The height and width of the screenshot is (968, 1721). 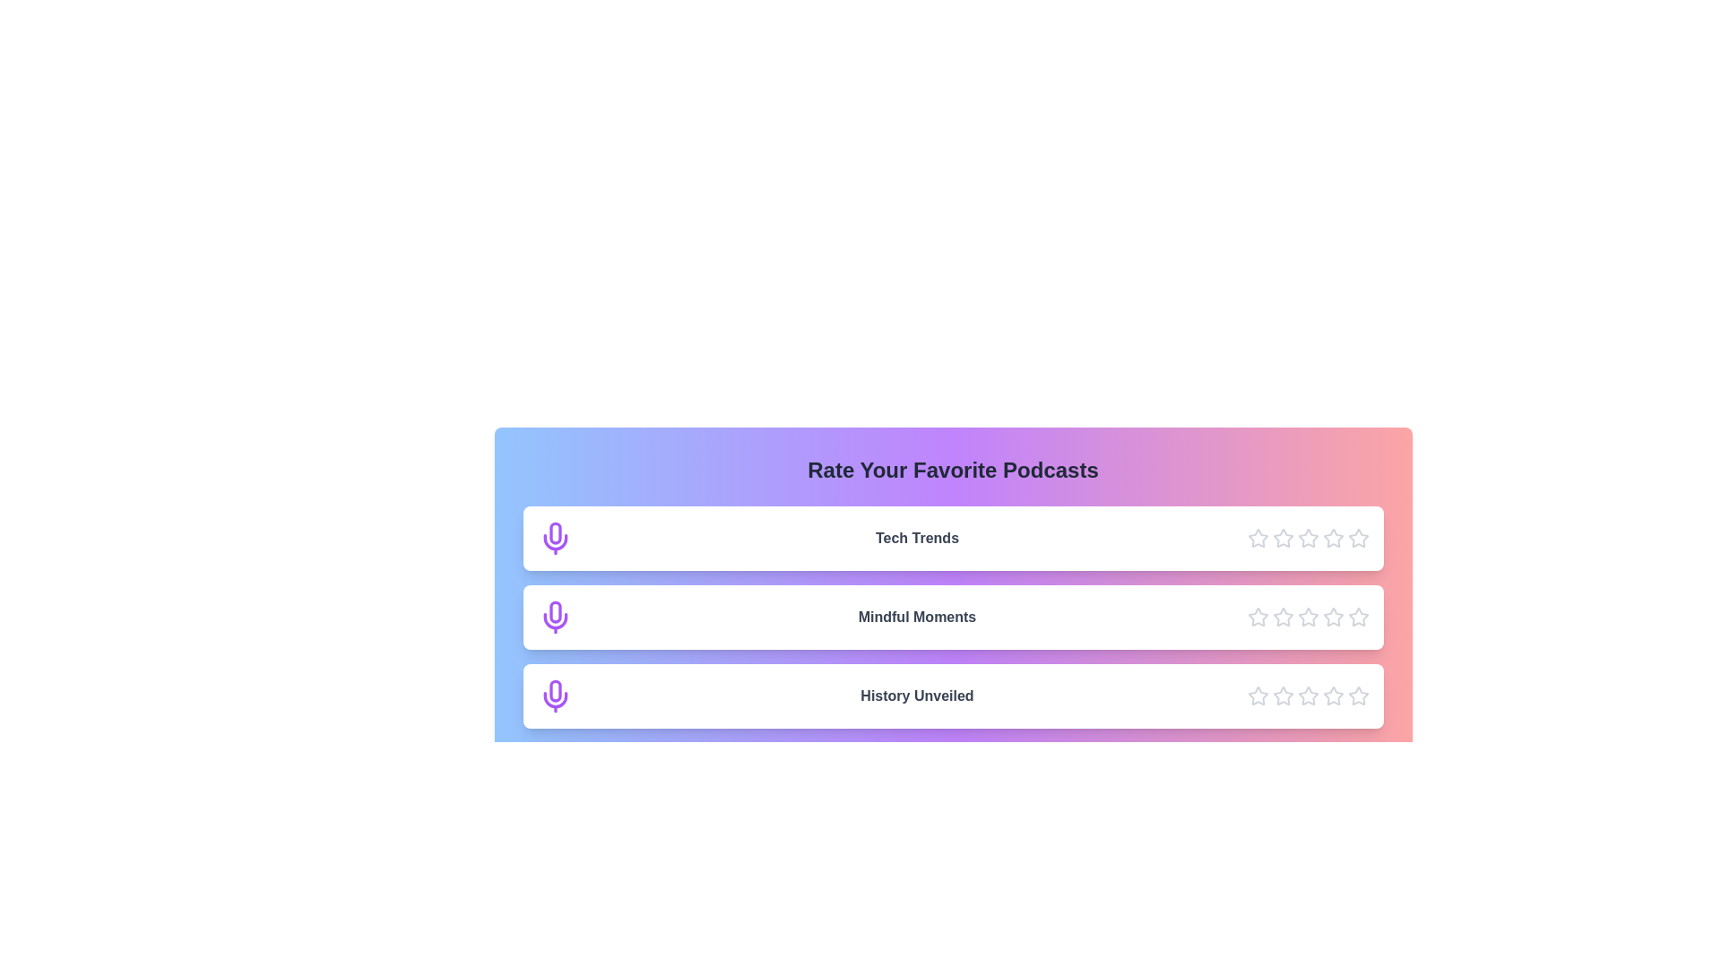 What do you see at coordinates (1333, 617) in the screenshot?
I see `the star icon corresponding to 4 stars for the podcast Mindful Moments` at bounding box center [1333, 617].